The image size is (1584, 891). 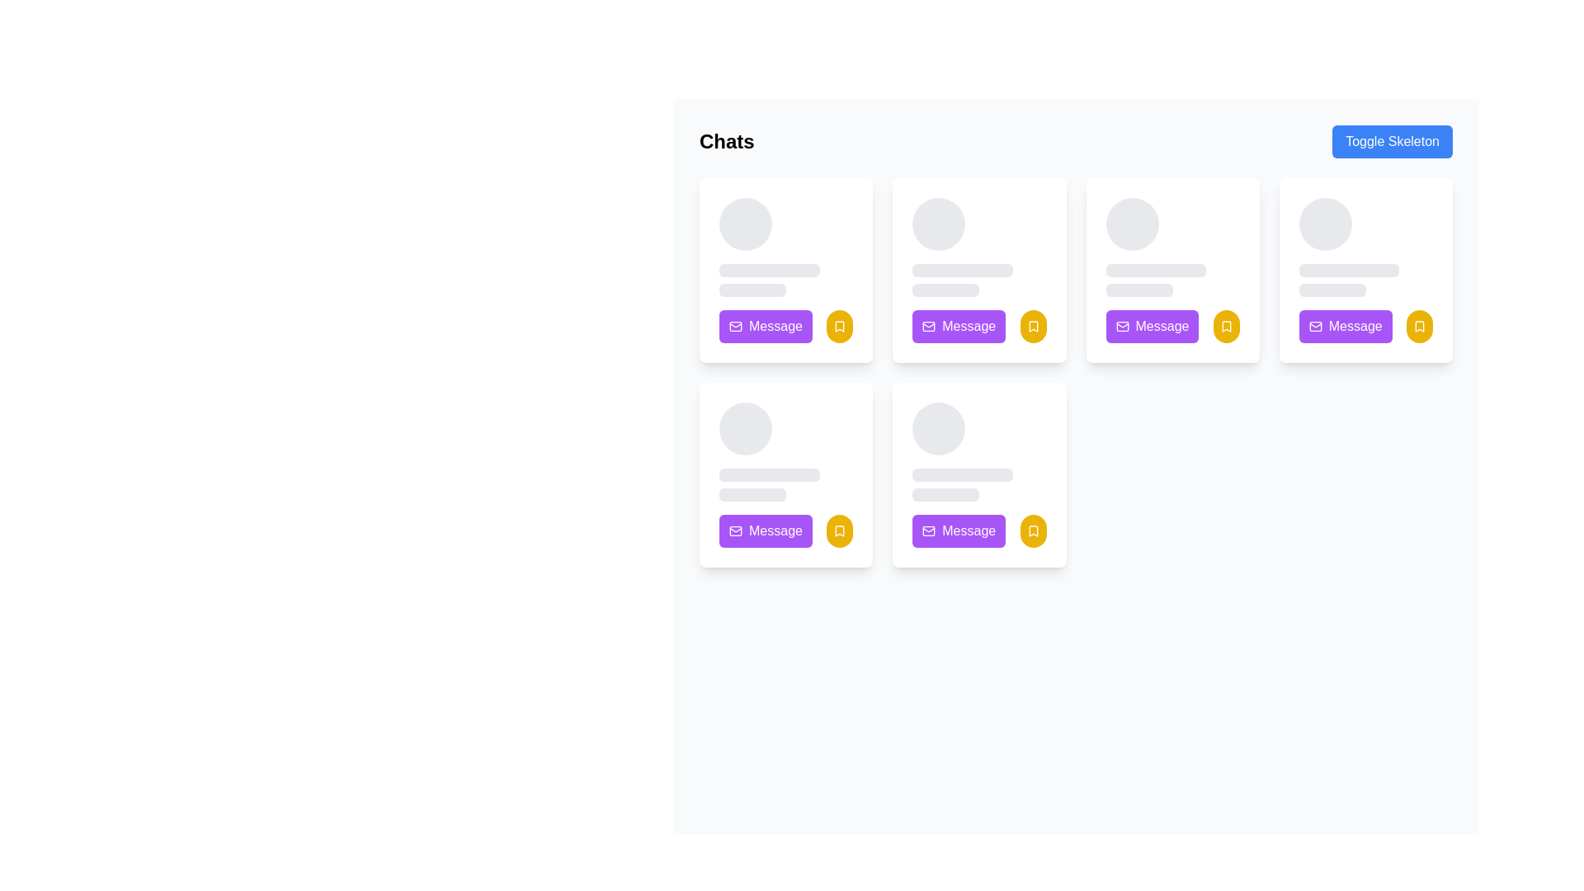 I want to click on the vibrant purple button labeled 'Message' with a white envelope icon to observe its hover effect, so click(x=959, y=327).